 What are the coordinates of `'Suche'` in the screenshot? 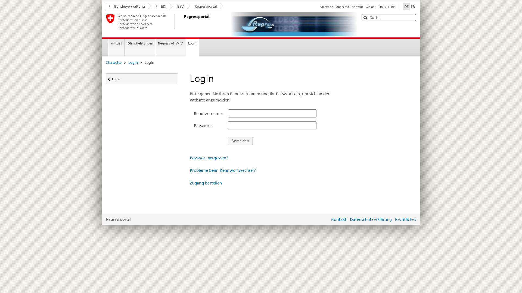 It's located at (366, 17).